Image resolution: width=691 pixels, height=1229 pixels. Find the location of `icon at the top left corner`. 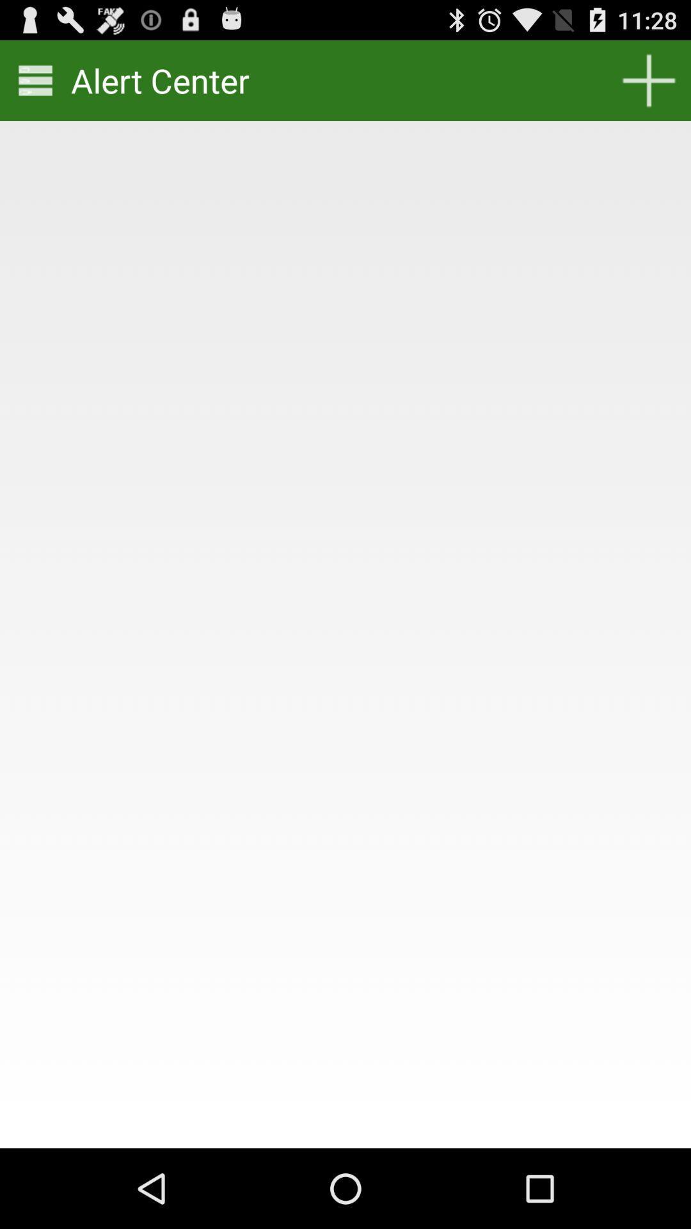

icon at the top left corner is located at coordinates (35, 79).